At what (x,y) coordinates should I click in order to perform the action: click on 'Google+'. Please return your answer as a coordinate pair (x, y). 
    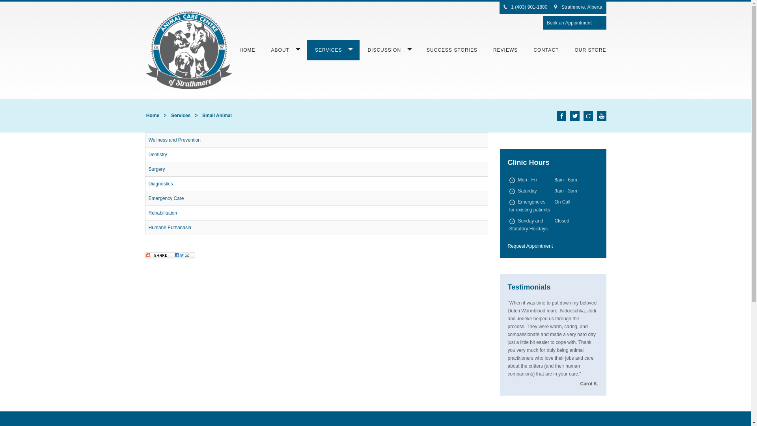
    Looking at the image, I should click on (588, 116).